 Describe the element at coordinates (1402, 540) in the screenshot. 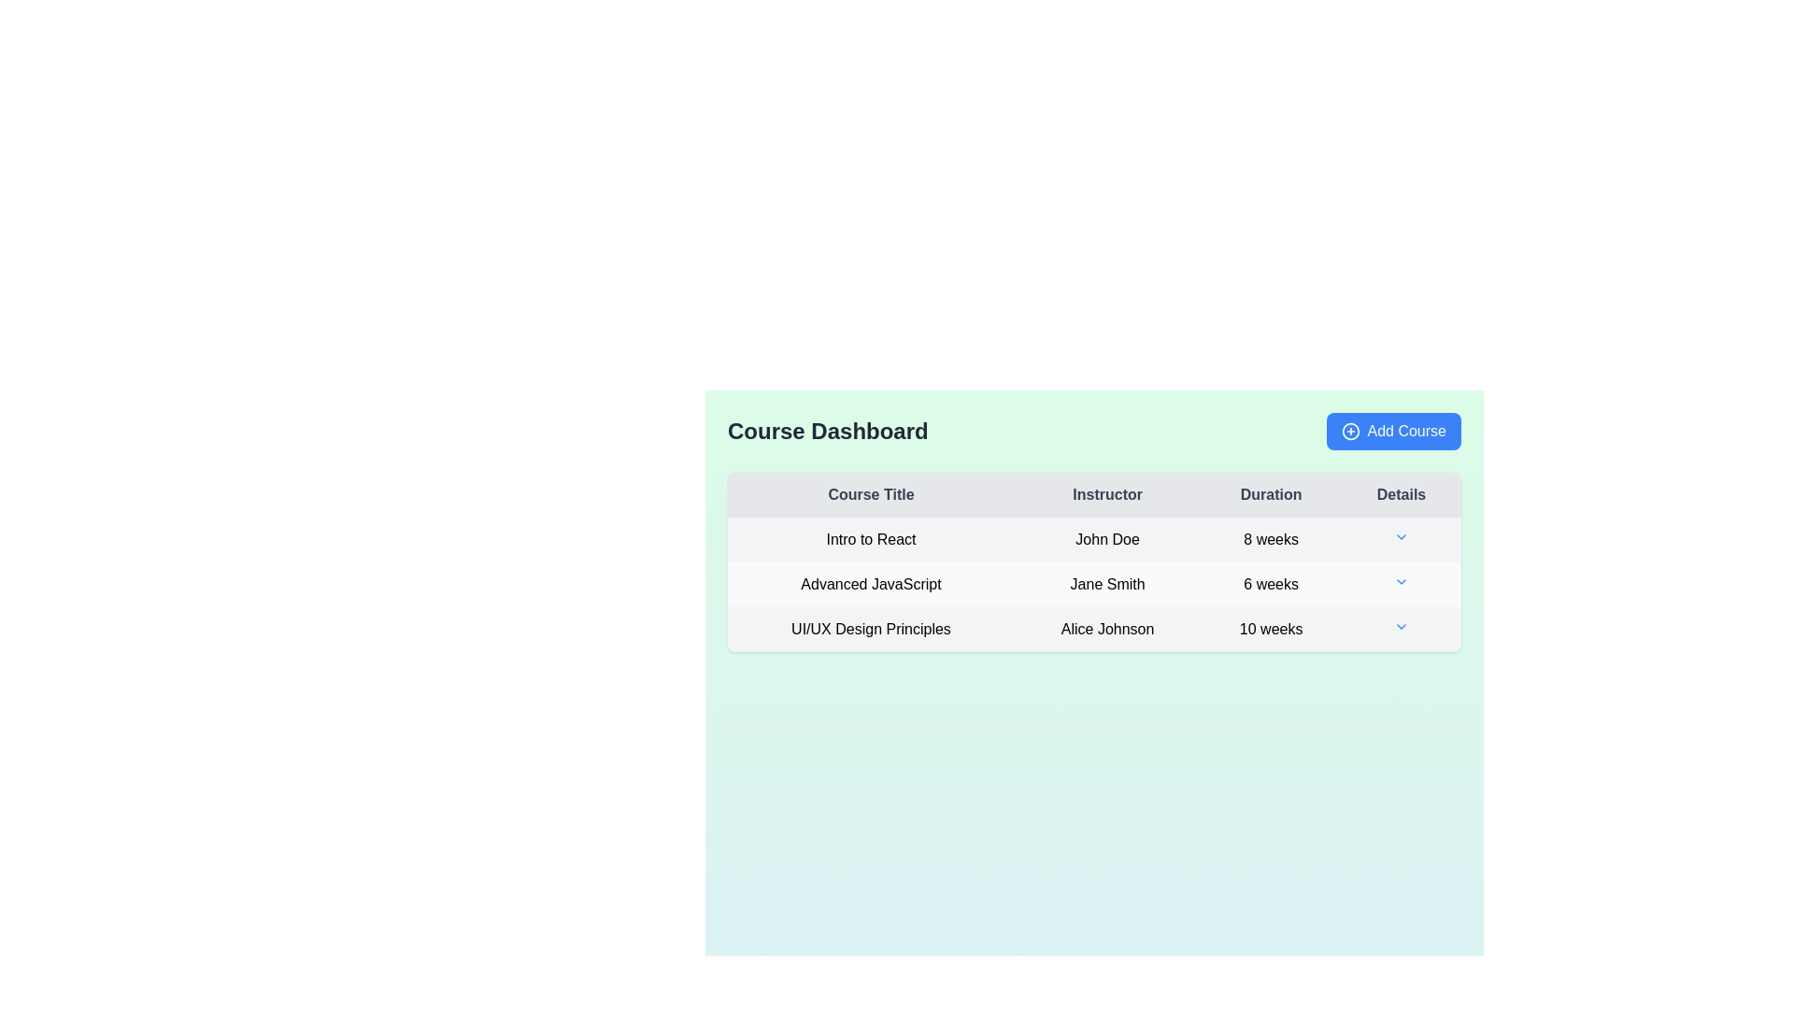

I see `the downward-pointing blue icon button in the 'Details' column of the first row` at that location.